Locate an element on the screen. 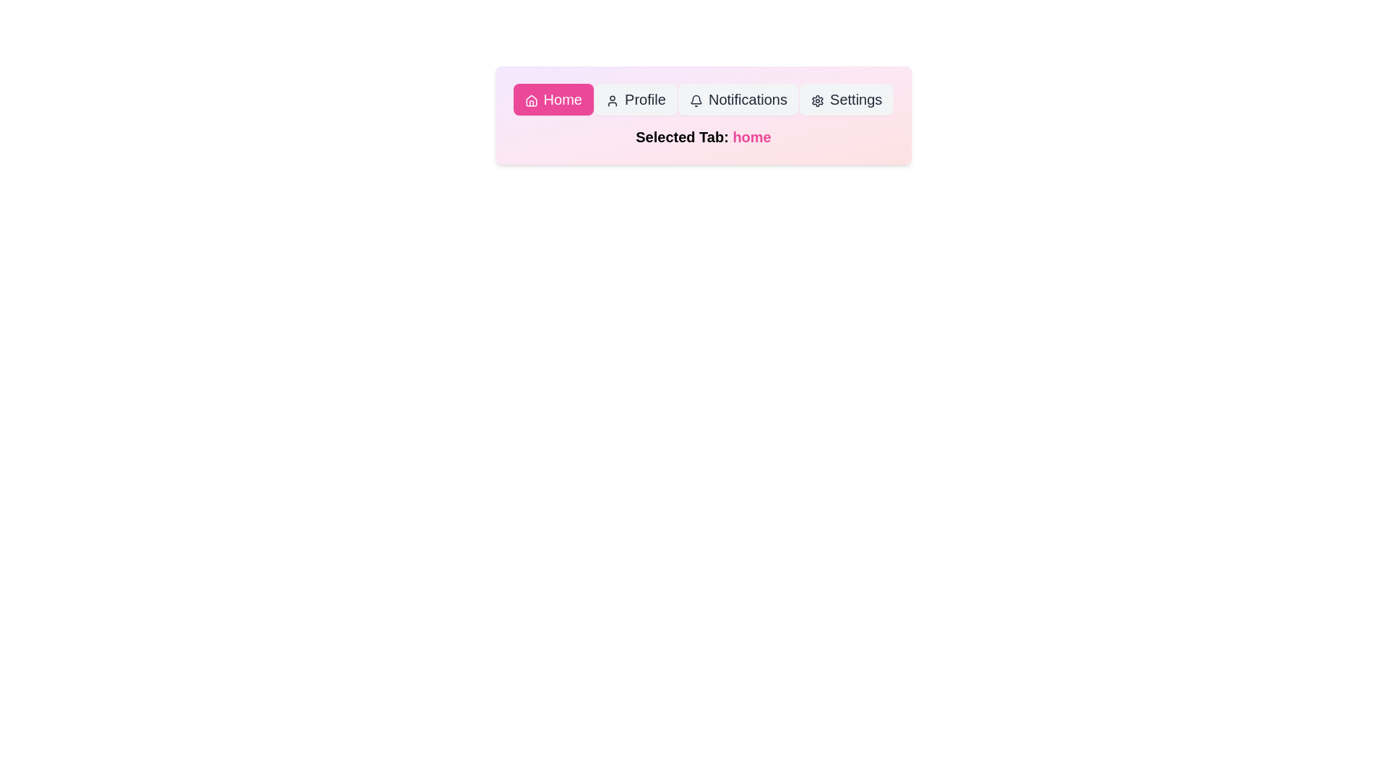  the home icon, which is a house-shaped icon with a pink background, located within the rounded pink 'Home' button at the top-left section of the interface is located at coordinates (530, 100).